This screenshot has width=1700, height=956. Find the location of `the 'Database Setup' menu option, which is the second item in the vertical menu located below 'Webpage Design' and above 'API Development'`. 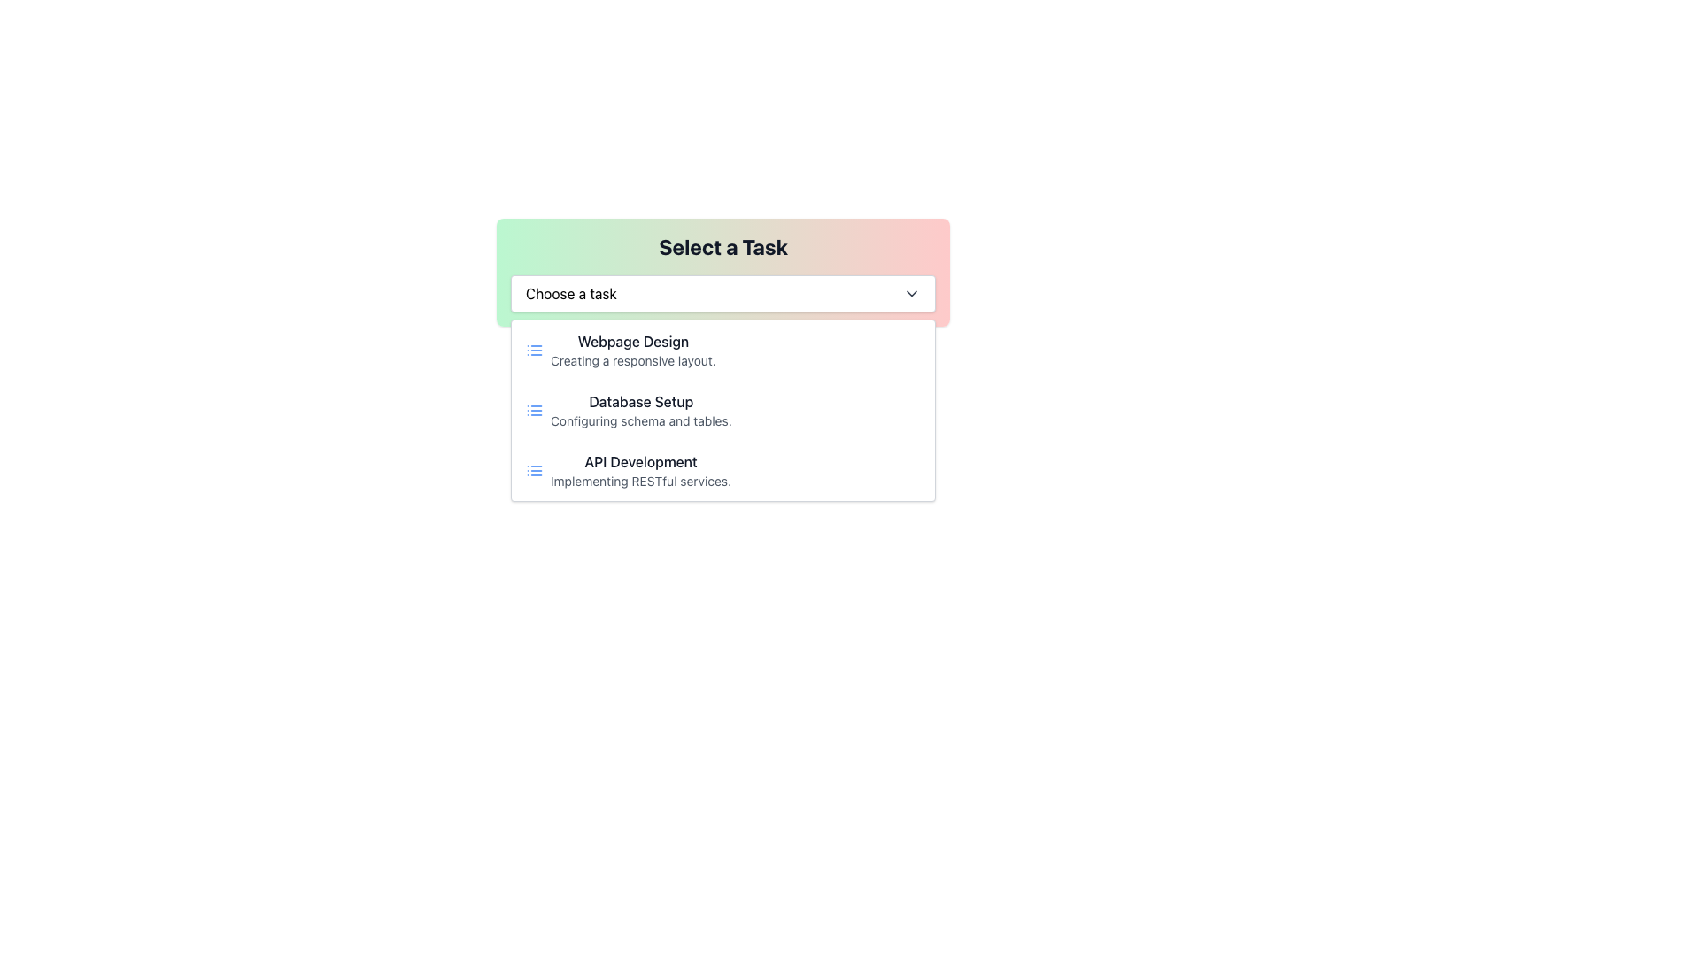

the 'Database Setup' menu option, which is the second item in the vertical menu located below 'Webpage Design' and above 'API Development' is located at coordinates (722, 410).